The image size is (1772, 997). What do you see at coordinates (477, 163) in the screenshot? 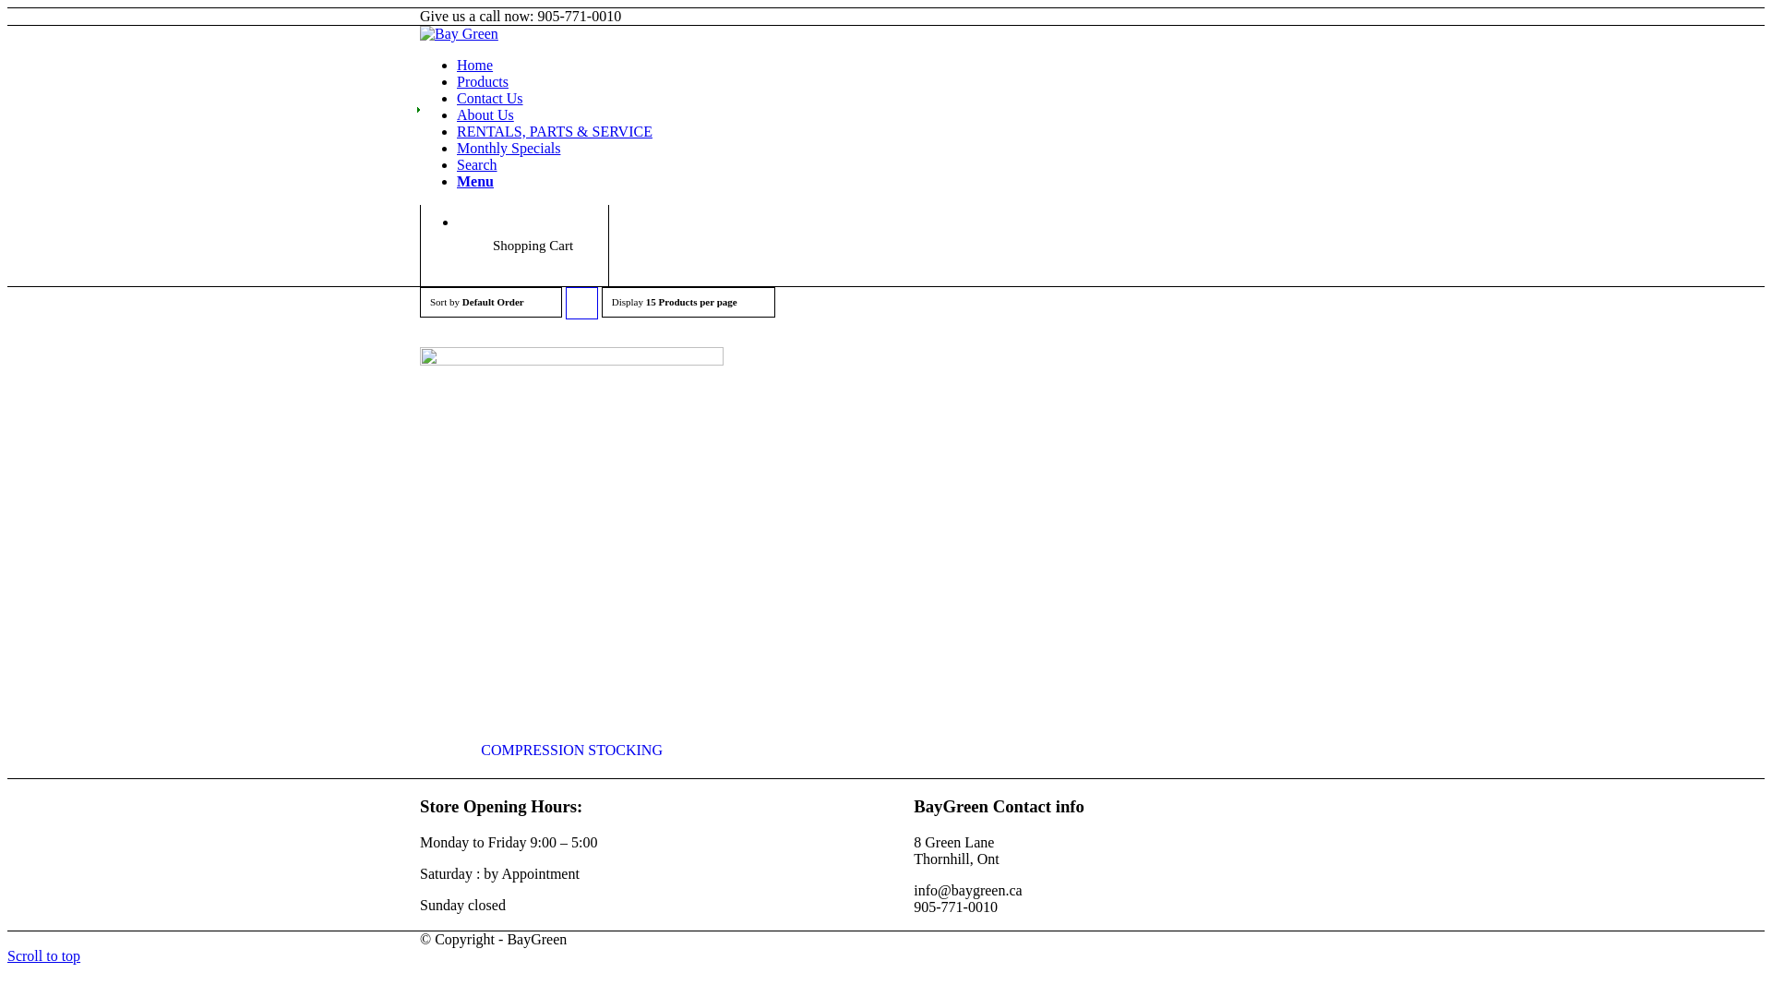
I see `'Search'` at bounding box center [477, 163].